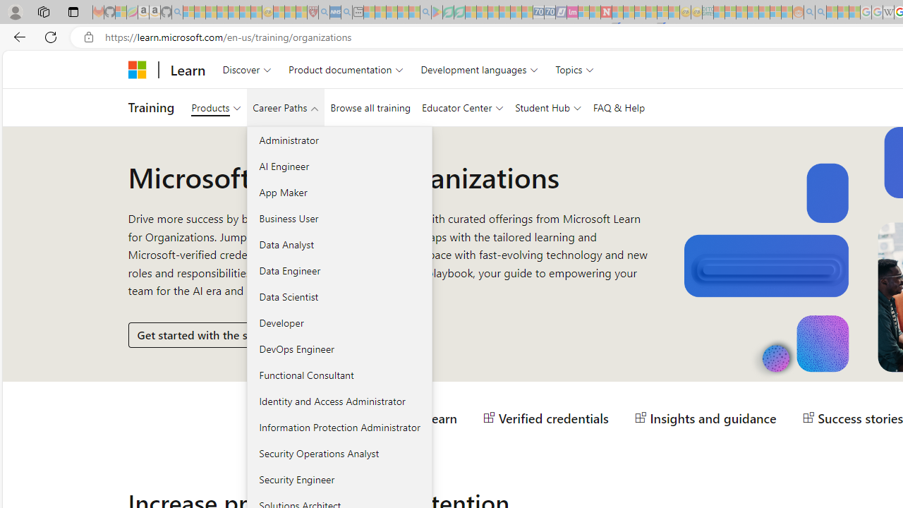  Describe the element at coordinates (215, 107) in the screenshot. I see `'Products'` at that location.